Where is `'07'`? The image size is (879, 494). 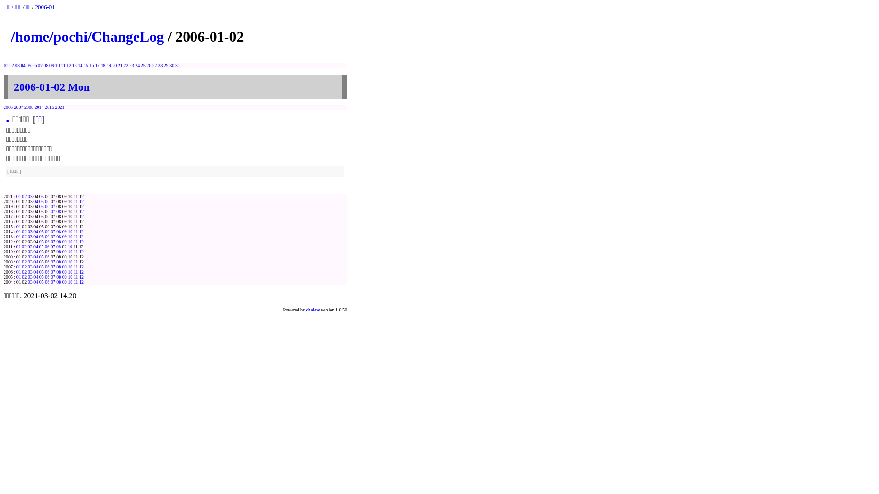 '07' is located at coordinates (52, 236).